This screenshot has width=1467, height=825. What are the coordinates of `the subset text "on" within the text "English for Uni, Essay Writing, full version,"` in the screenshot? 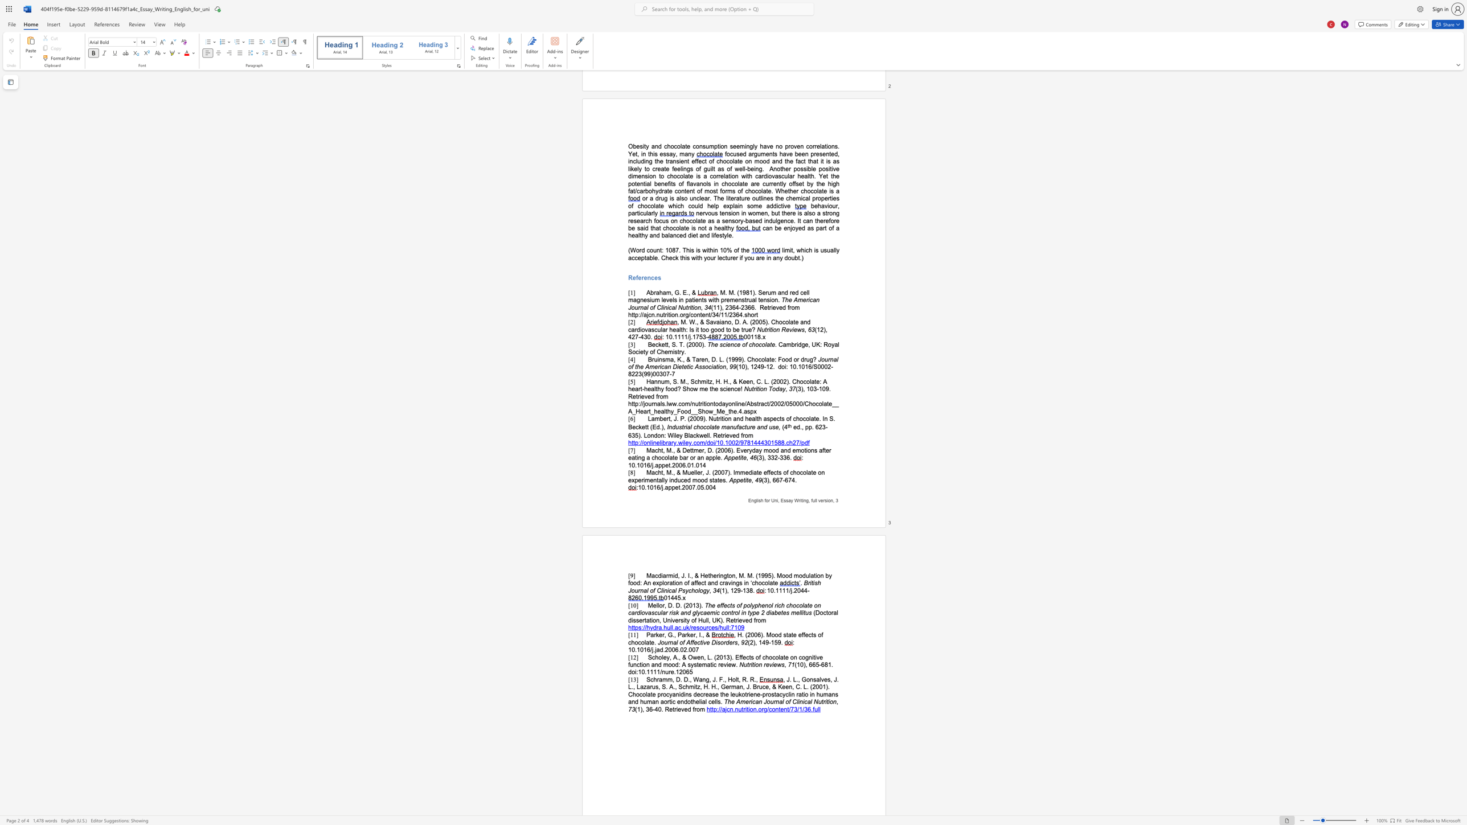 It's located at (827, 500).